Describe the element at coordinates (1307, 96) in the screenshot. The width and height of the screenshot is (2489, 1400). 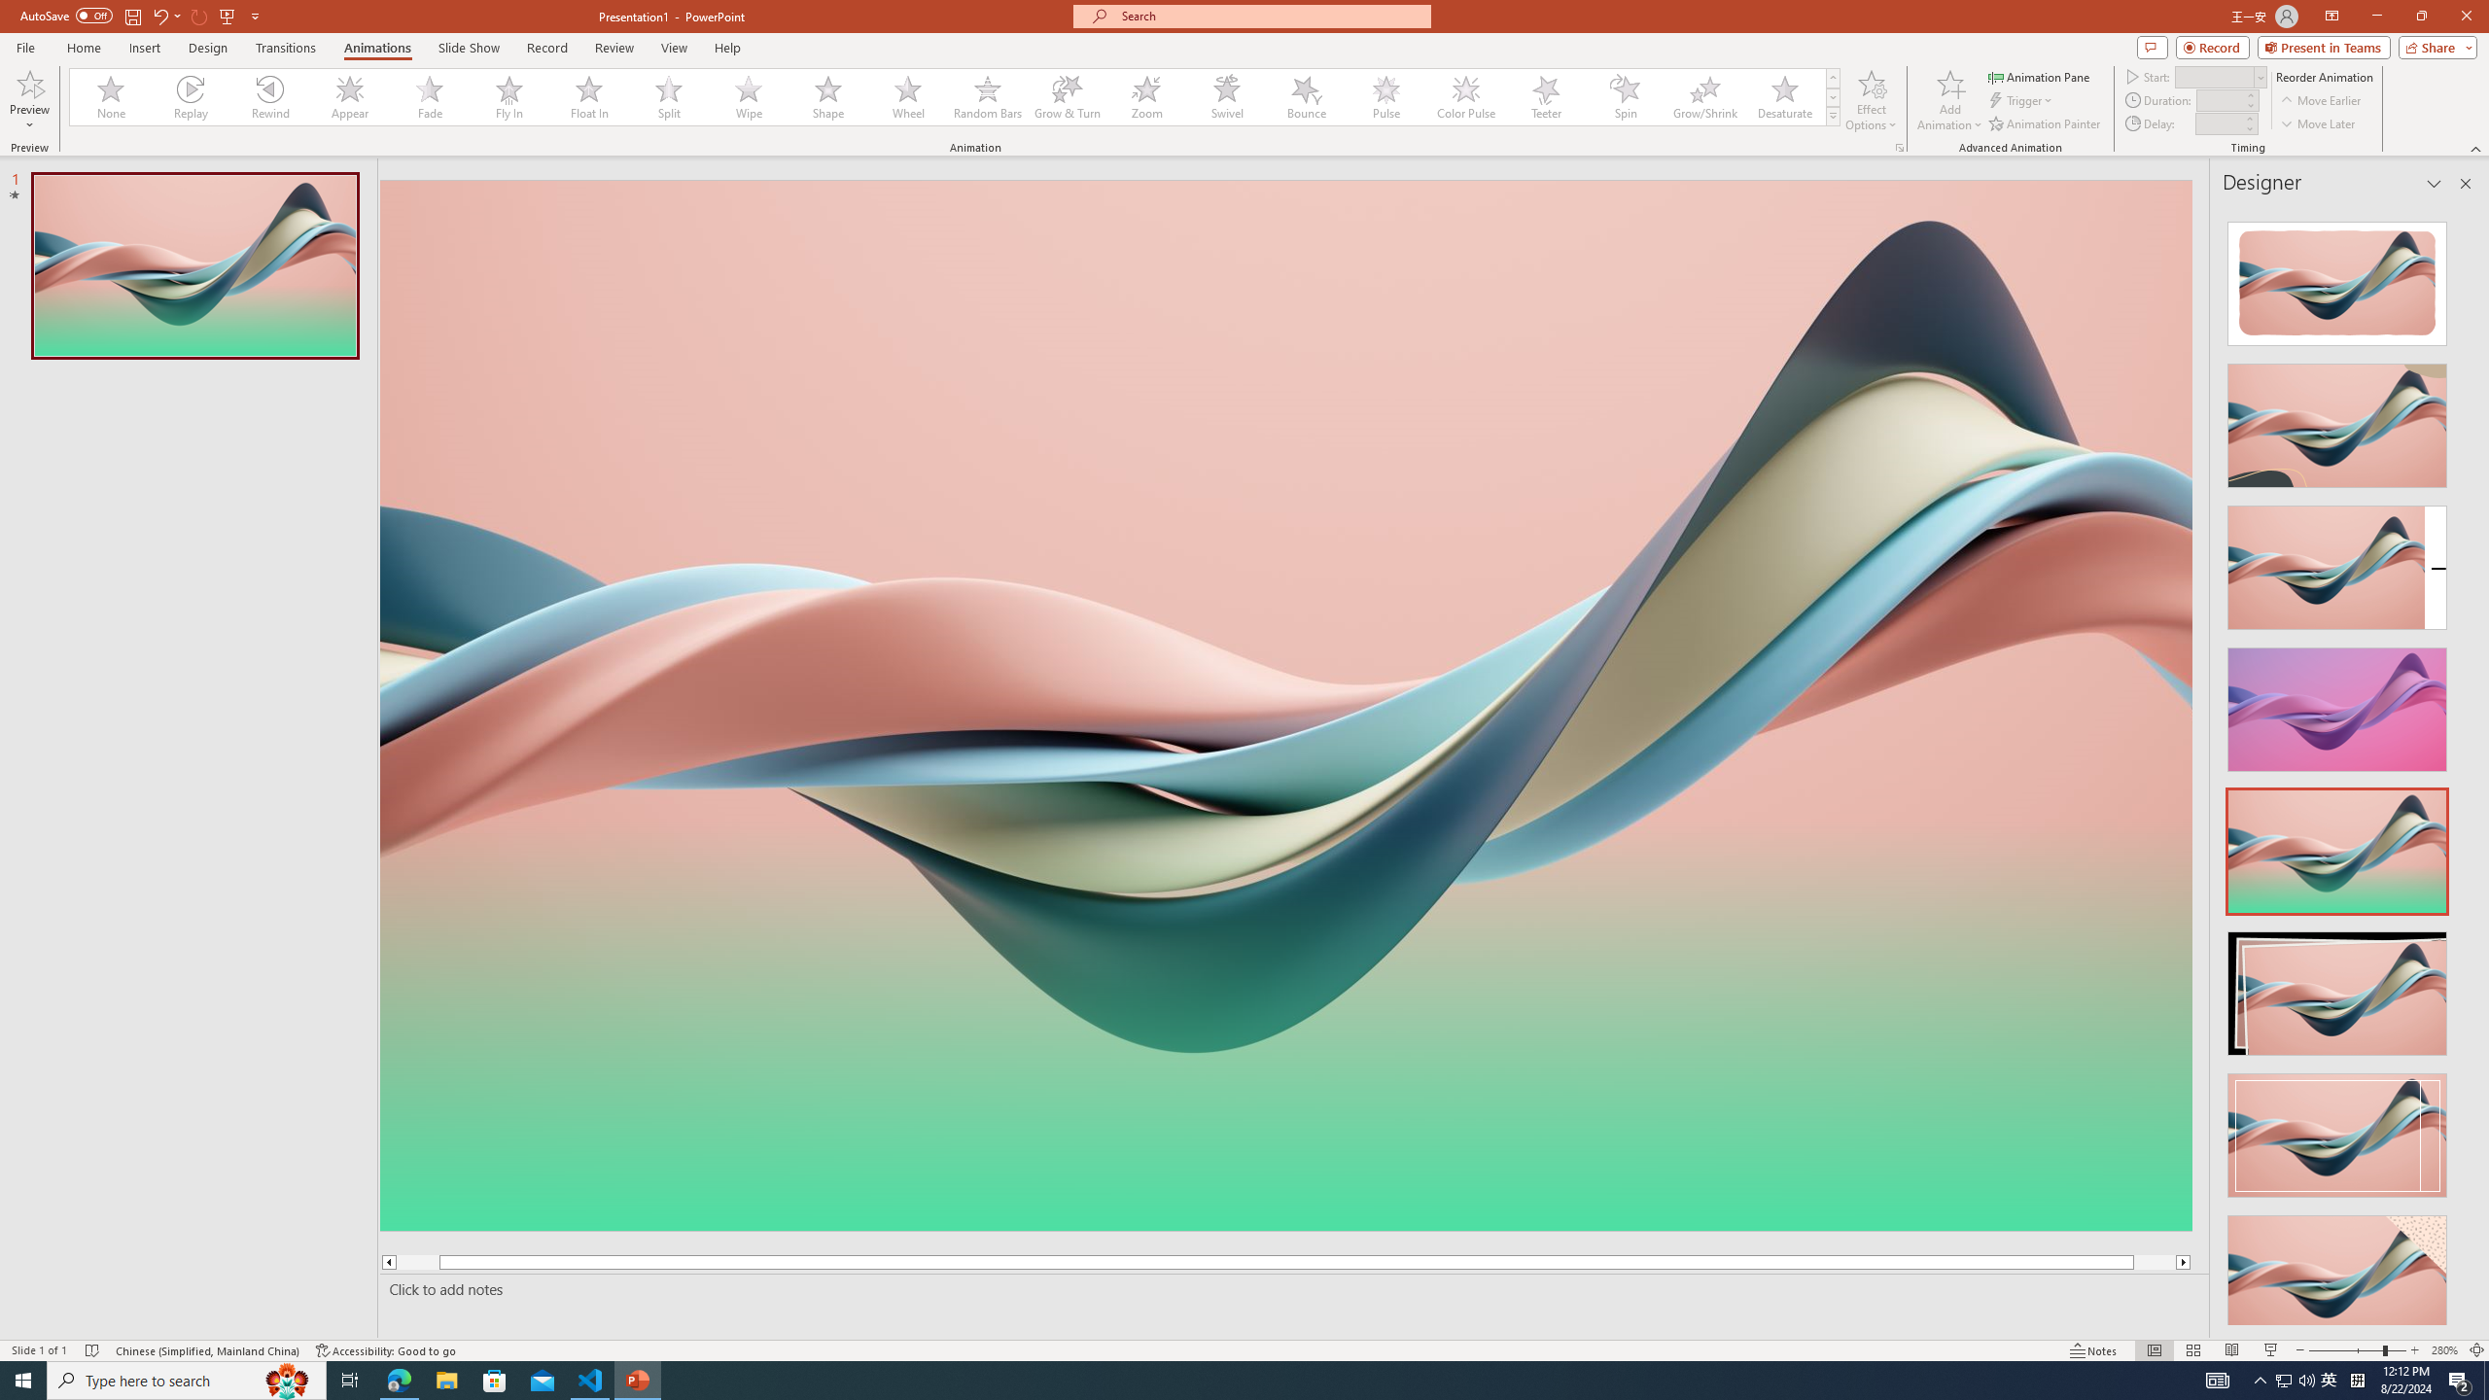
I see `'Bounce'` at that location.